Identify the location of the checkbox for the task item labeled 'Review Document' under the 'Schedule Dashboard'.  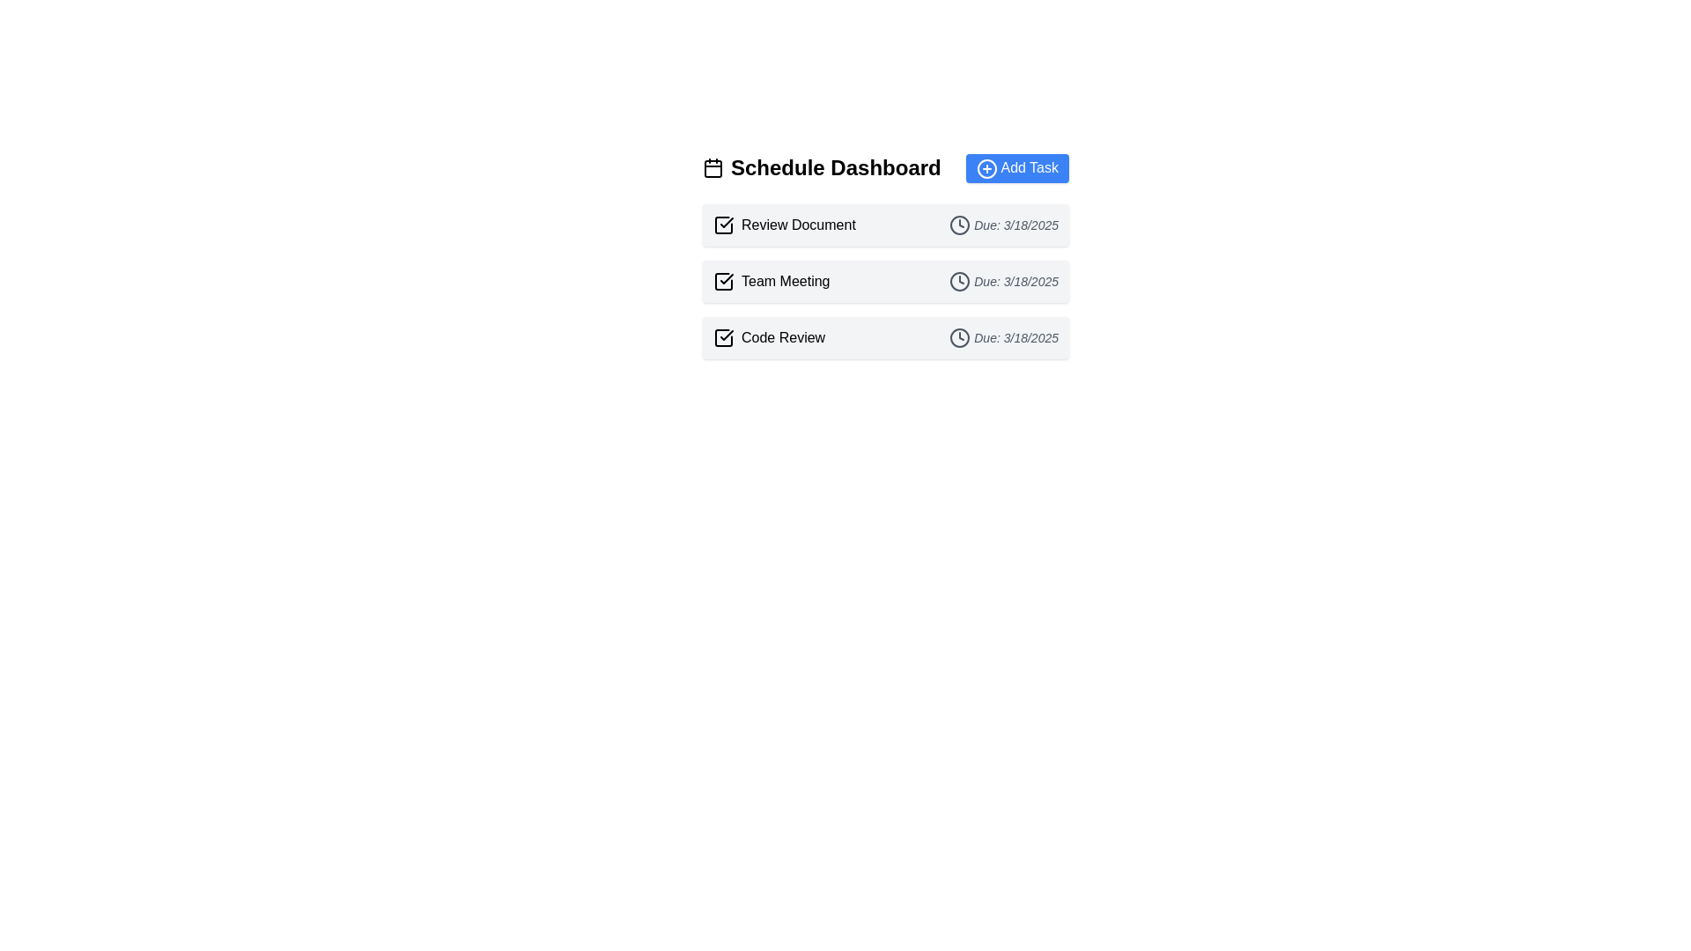
(723, 223).